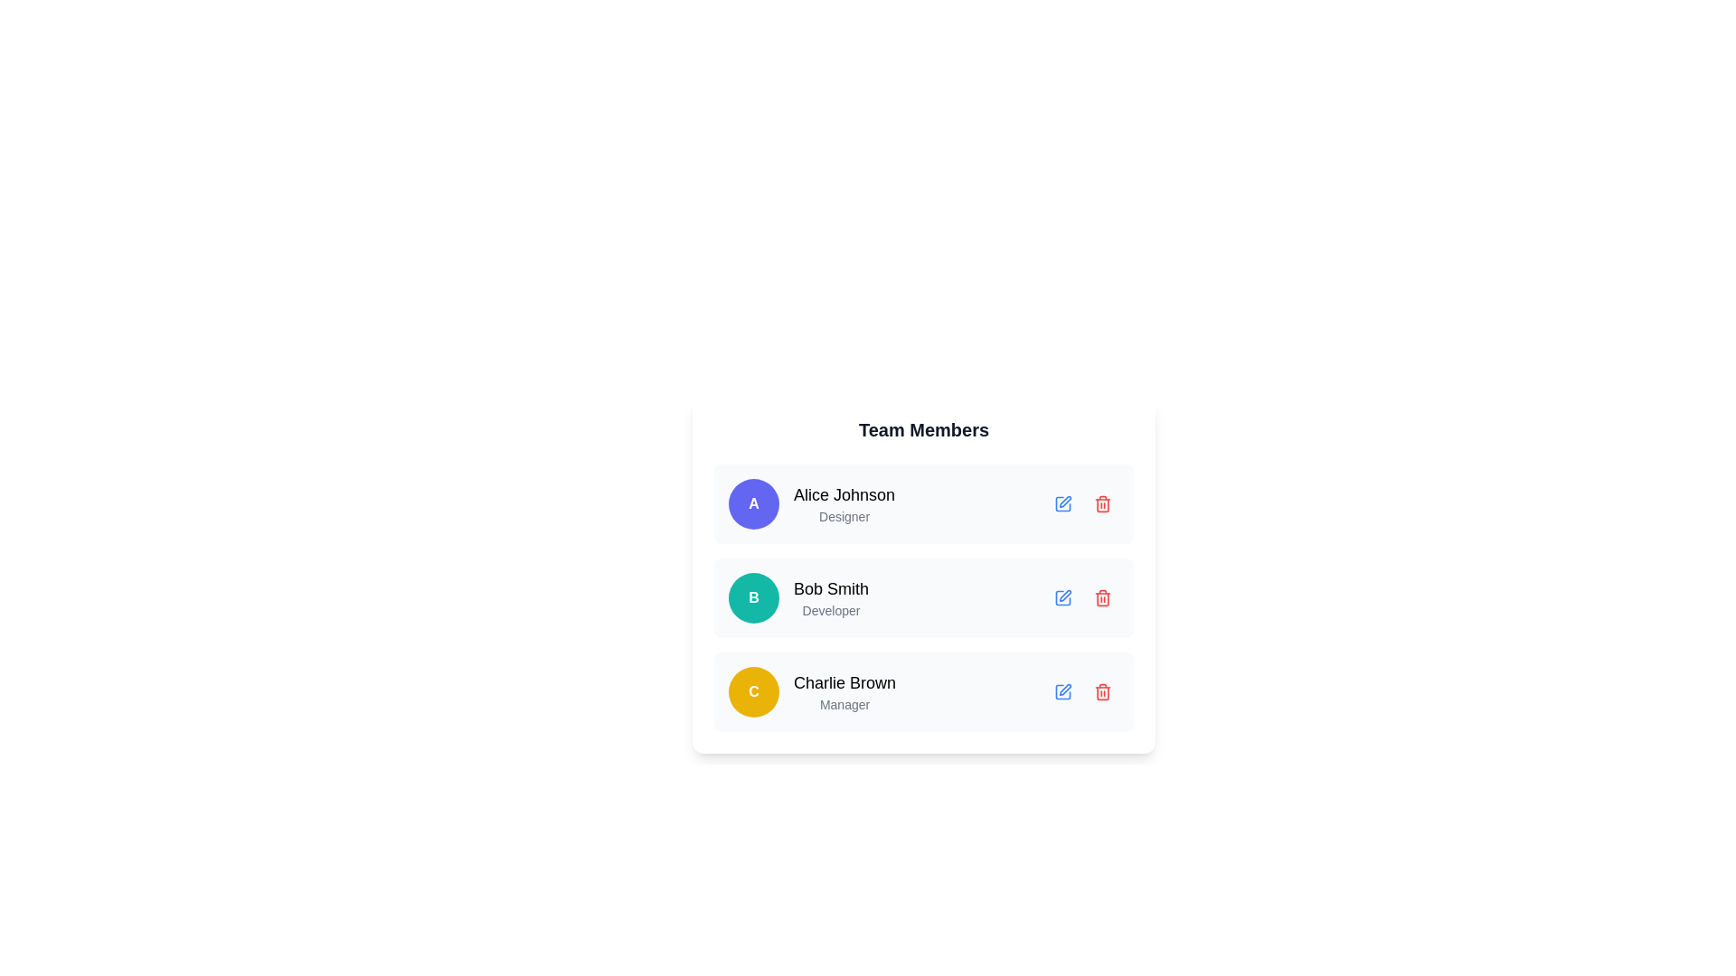  I want to click on the editing button for the 'Charlie Brown - Manager' entry, so click(1063, 691).